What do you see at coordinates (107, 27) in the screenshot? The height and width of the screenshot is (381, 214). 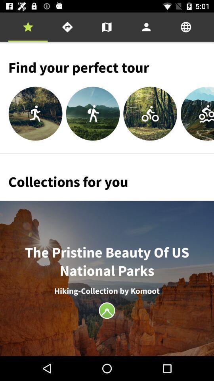 I see `the icon above find your perfect item` at bounding box center [107, 27].